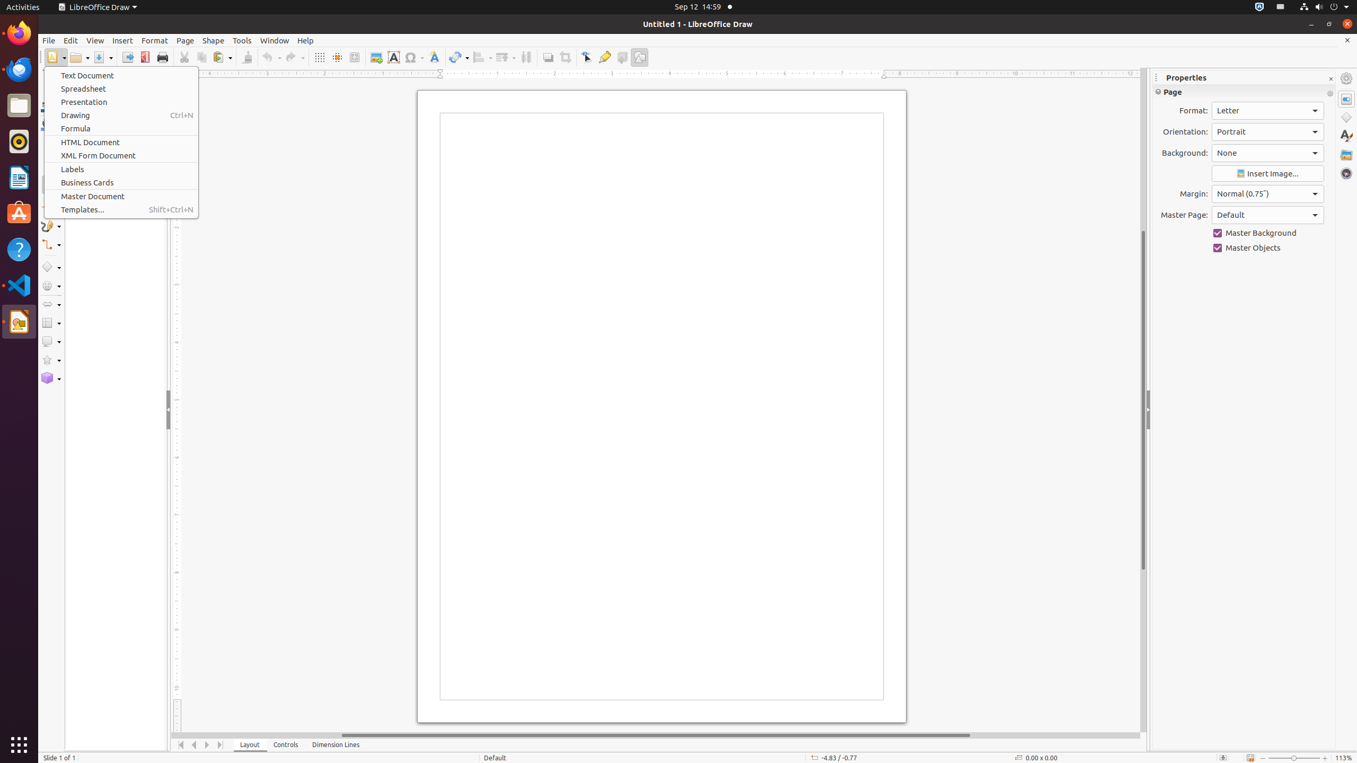 This screenshot has height=763, width=1357. Describe the element at coordinates (19, 140) in the screenshot. I see `'Rhythmbox'` at that location.